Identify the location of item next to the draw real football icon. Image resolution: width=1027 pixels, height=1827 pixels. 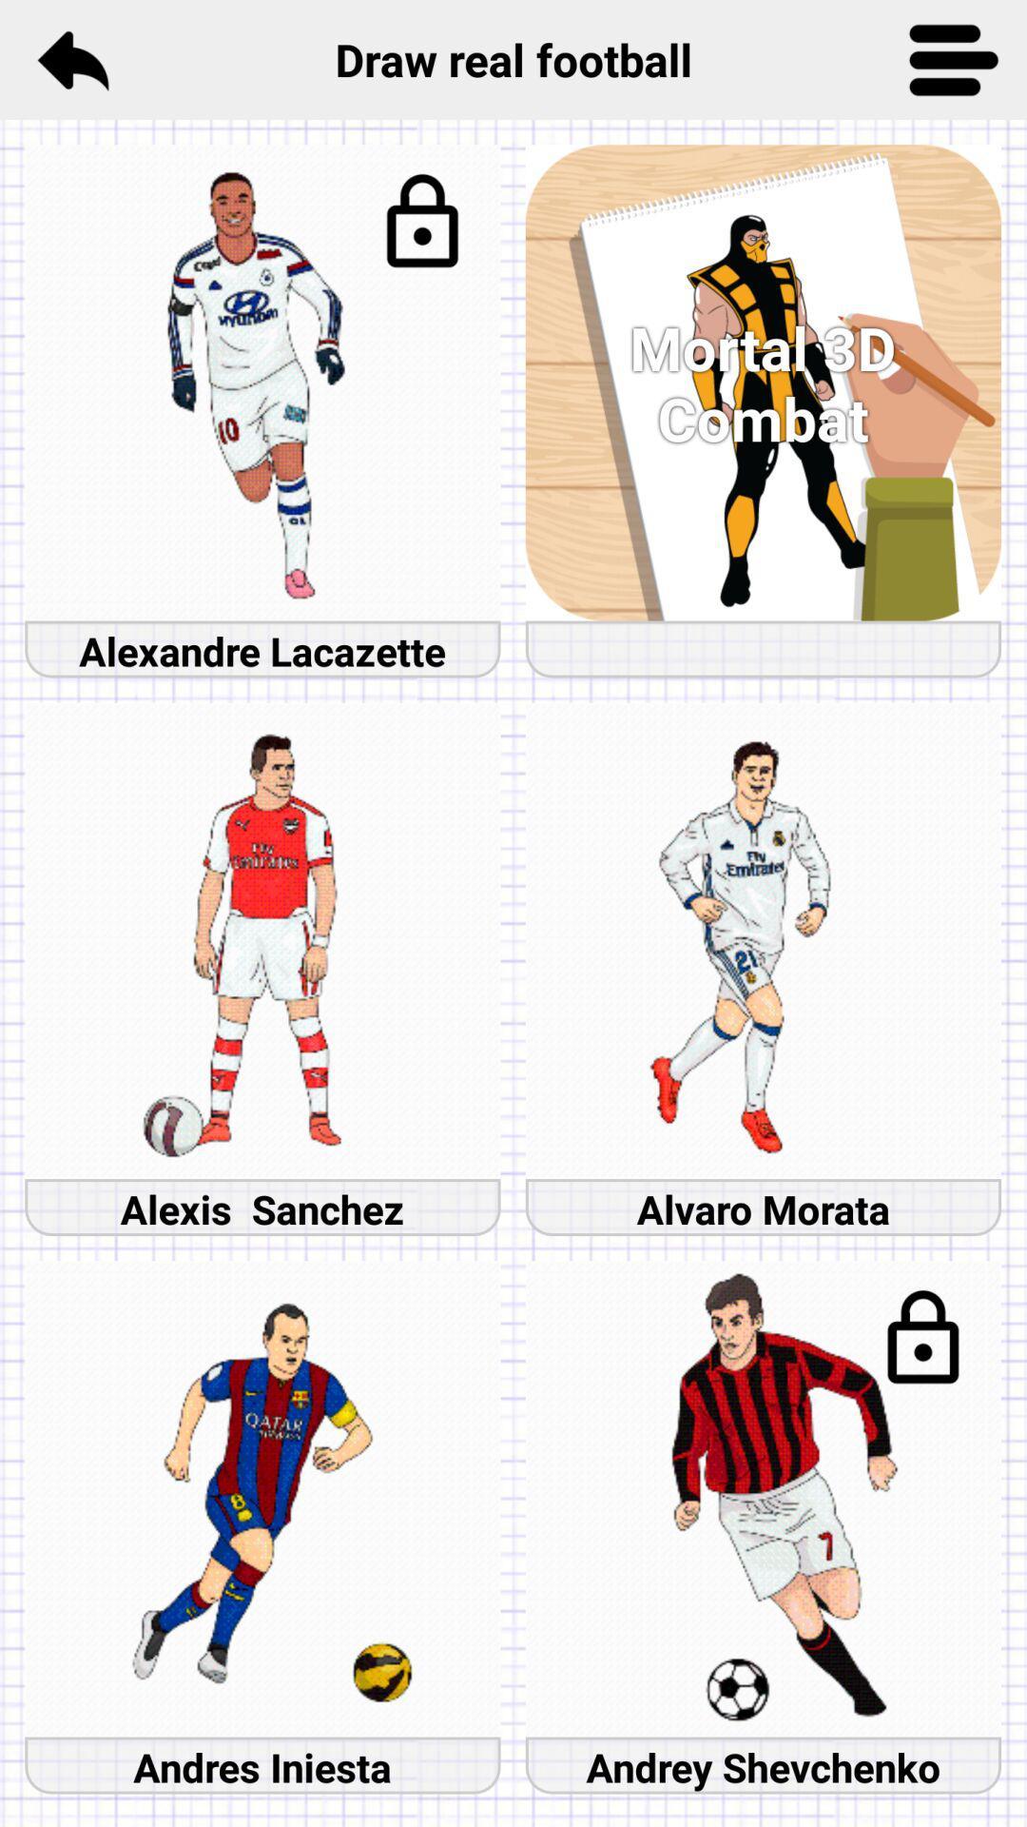
(71, 59).